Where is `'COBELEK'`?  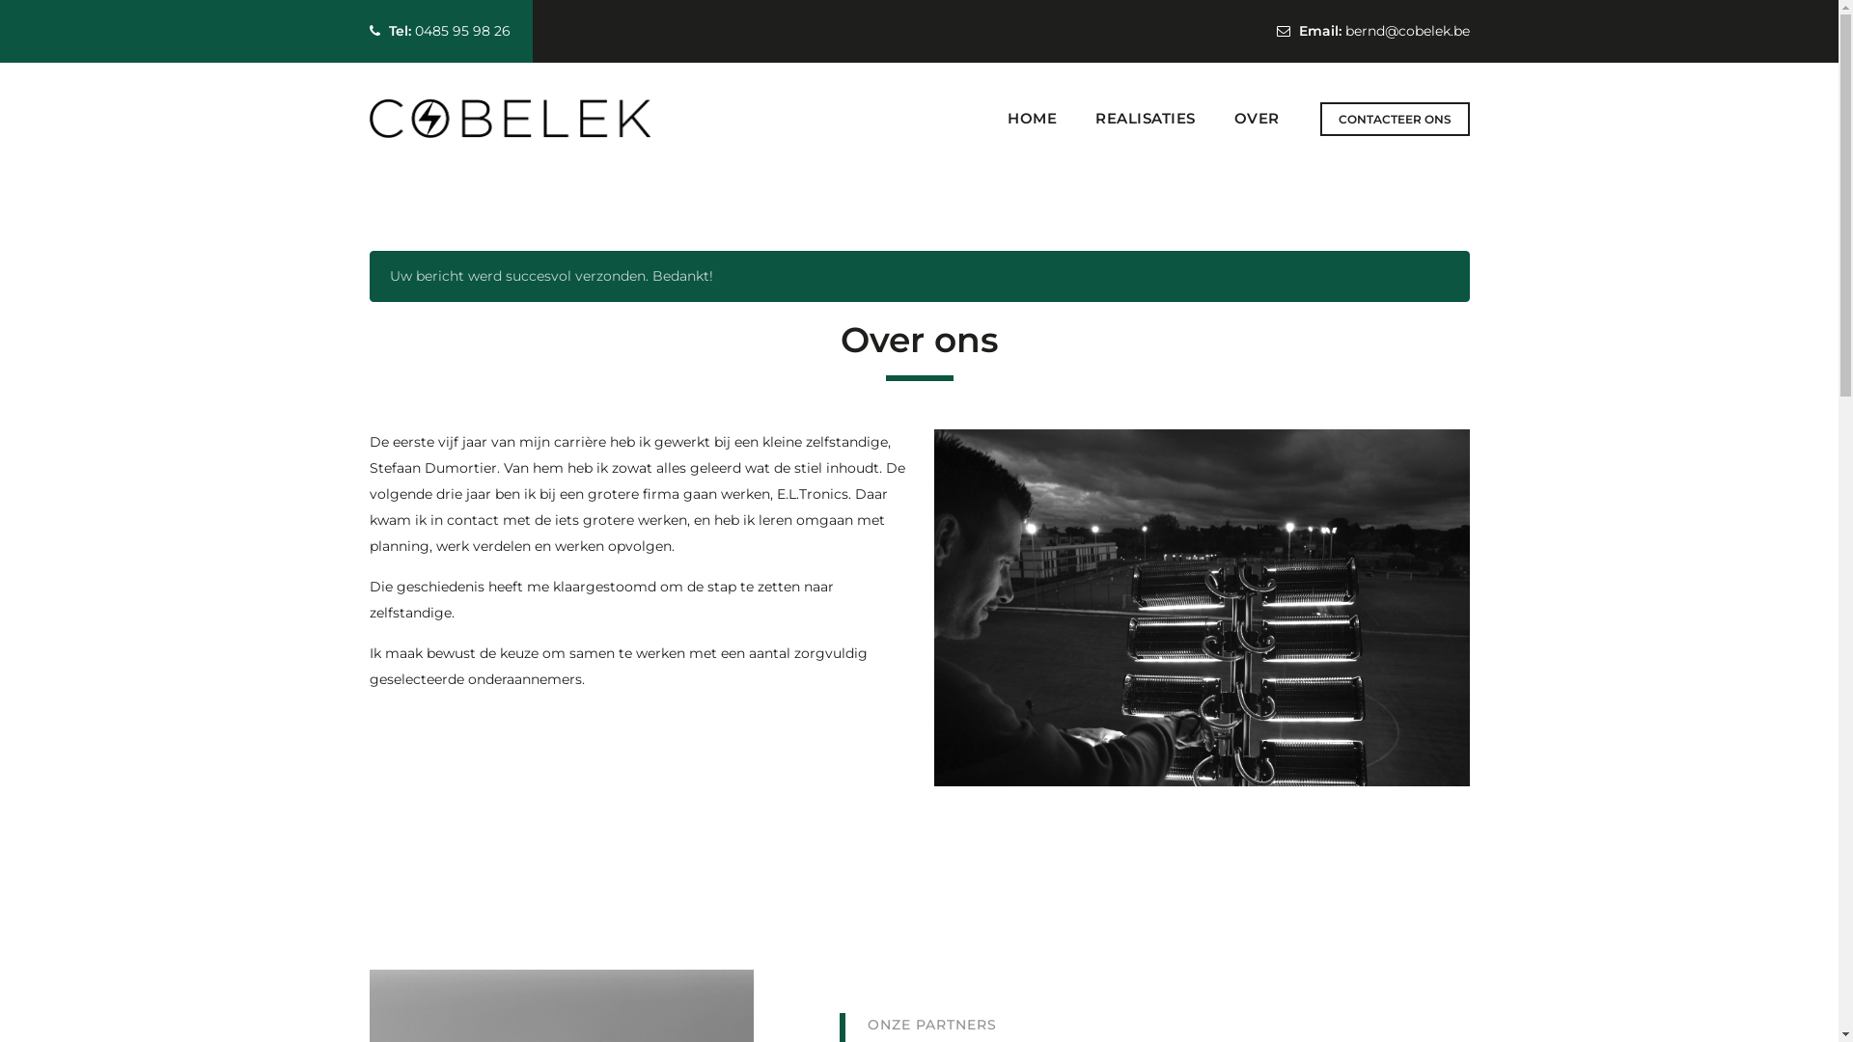
'COBELEK' is located at coordinates (510, 118).